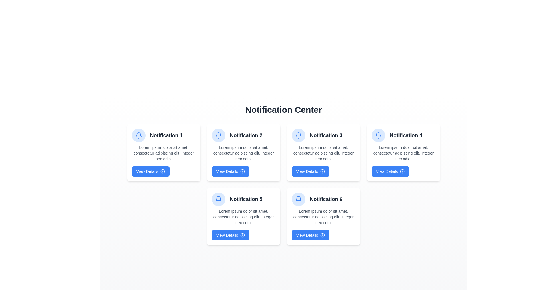 This screenshot has width=548, height=308. I want to click on the graphical icon representing the information icon inside the 'View Details' button, located in the second notification item in the top row, so click(243, 171).